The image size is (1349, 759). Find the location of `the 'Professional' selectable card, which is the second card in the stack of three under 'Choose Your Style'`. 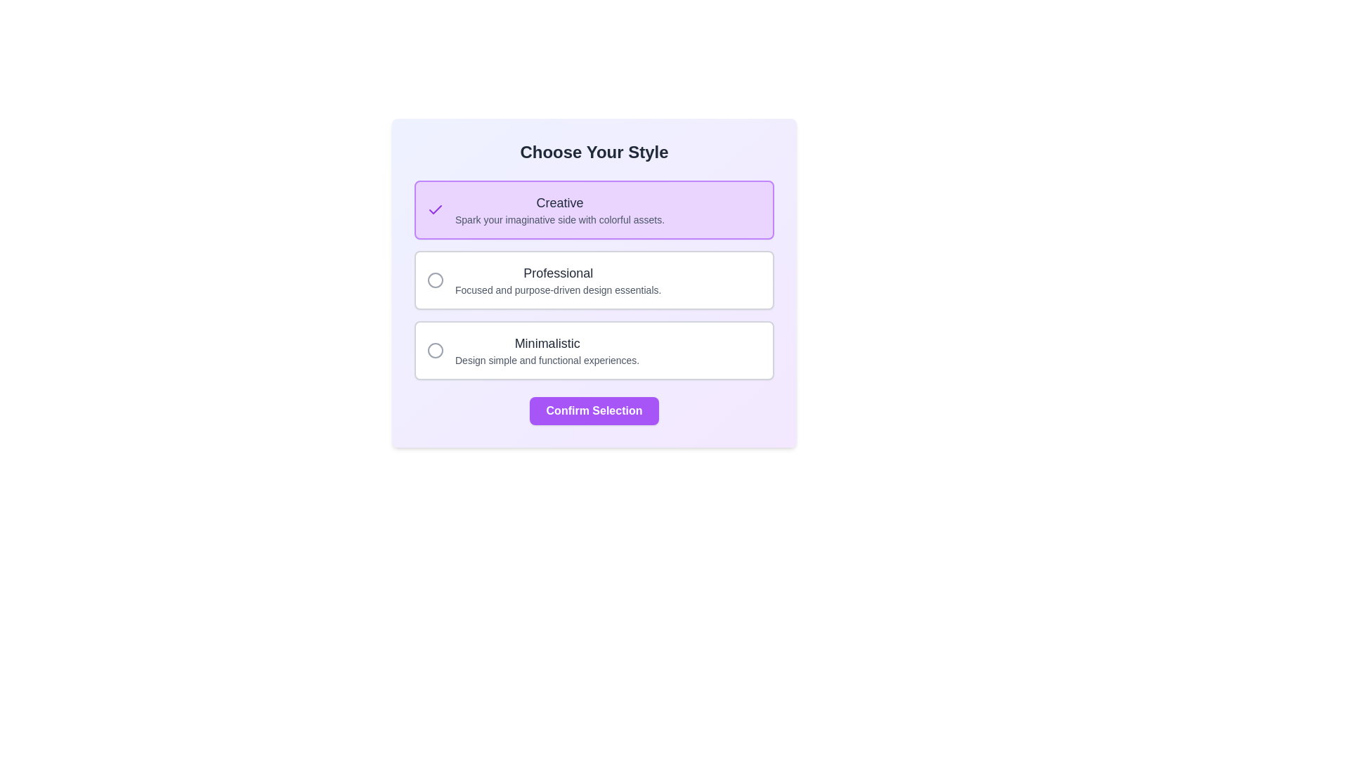

the 'Professional' selectable card, which is the second card in the stack of three under 'Choose Your Style' is located at coordinates (594, 283).